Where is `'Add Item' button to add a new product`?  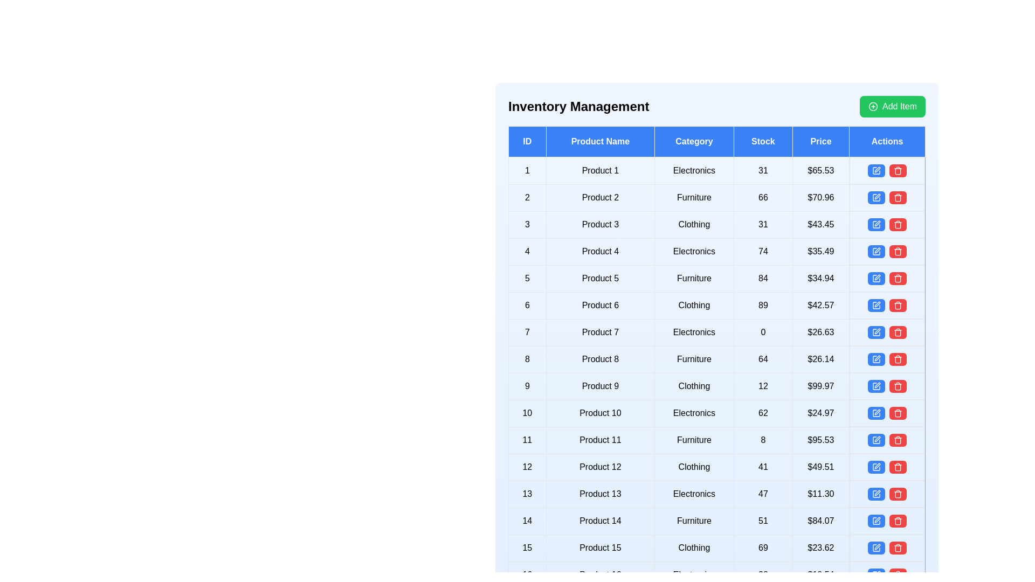
'Add Item' button to add a new product is located at coordinates (893, 106).